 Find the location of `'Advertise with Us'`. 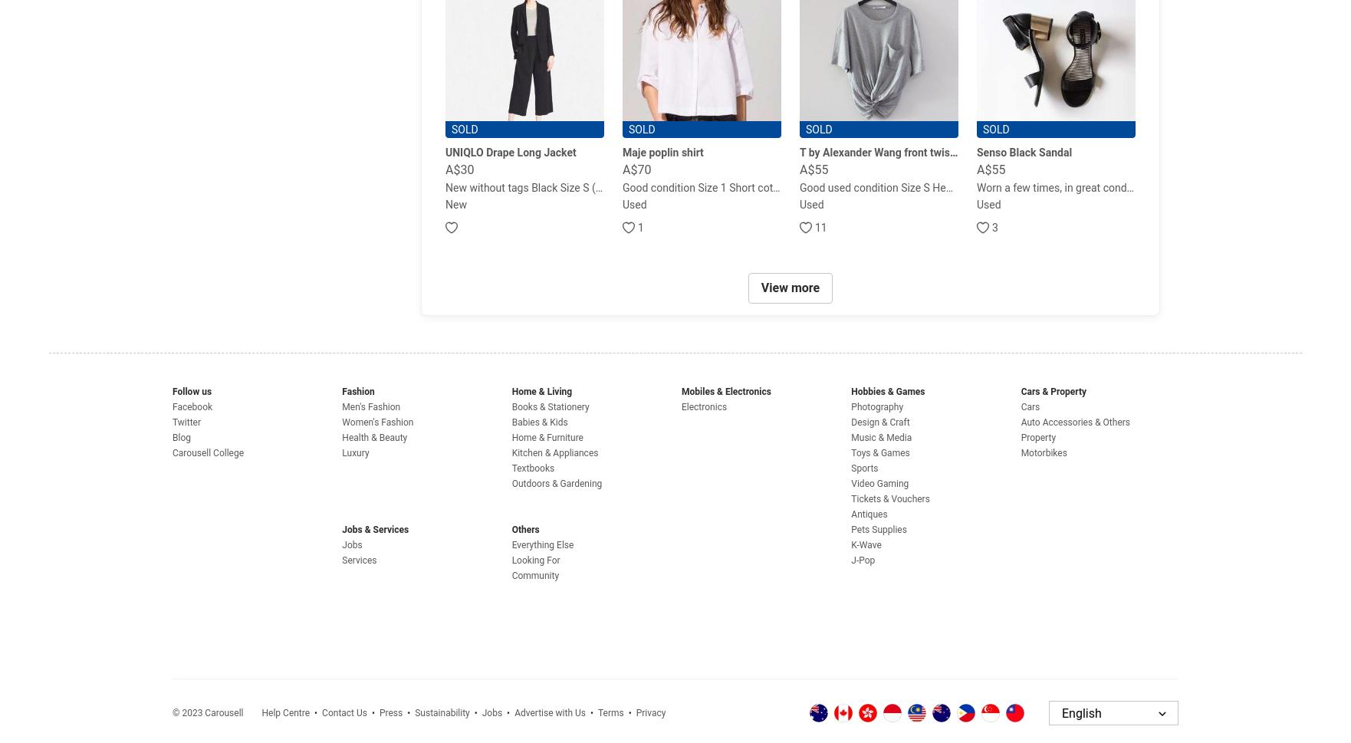

'Advertise with Us' is located at coordinates (548, 712).